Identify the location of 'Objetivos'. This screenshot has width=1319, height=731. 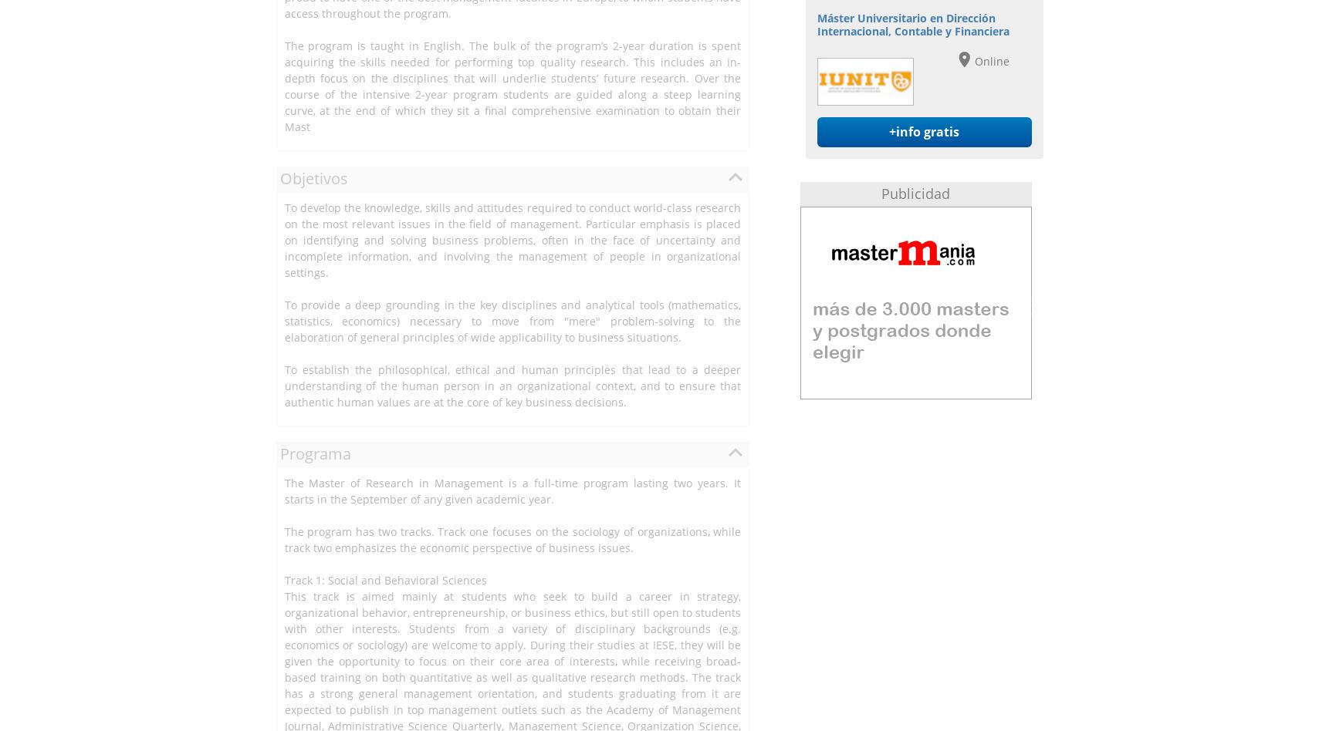
(313, 177).